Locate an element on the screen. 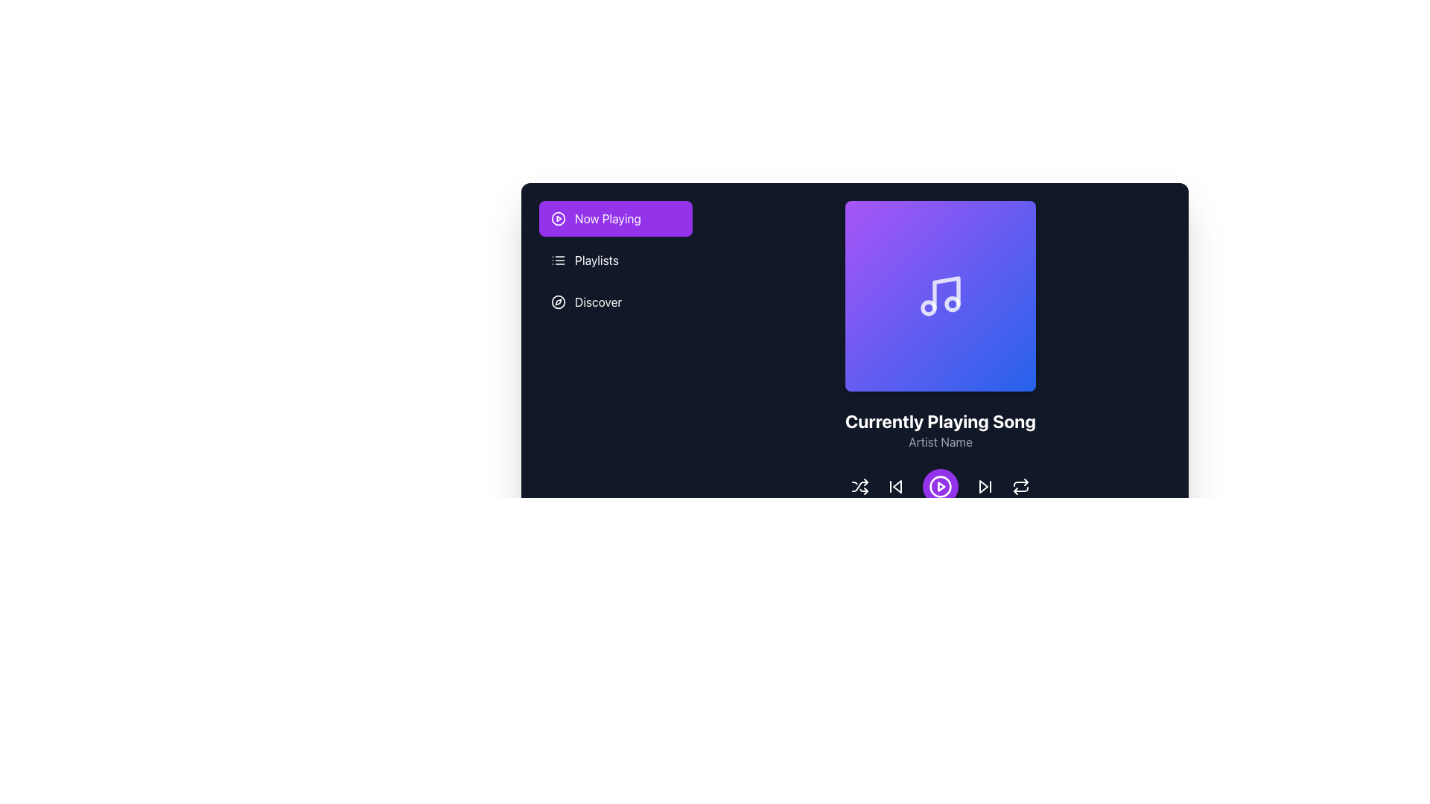 The width and height of the screenshot is (1430, 804). the fifth button in the interactive control bar at the bottom-center of the interface is located at coordinates (1020, 487).